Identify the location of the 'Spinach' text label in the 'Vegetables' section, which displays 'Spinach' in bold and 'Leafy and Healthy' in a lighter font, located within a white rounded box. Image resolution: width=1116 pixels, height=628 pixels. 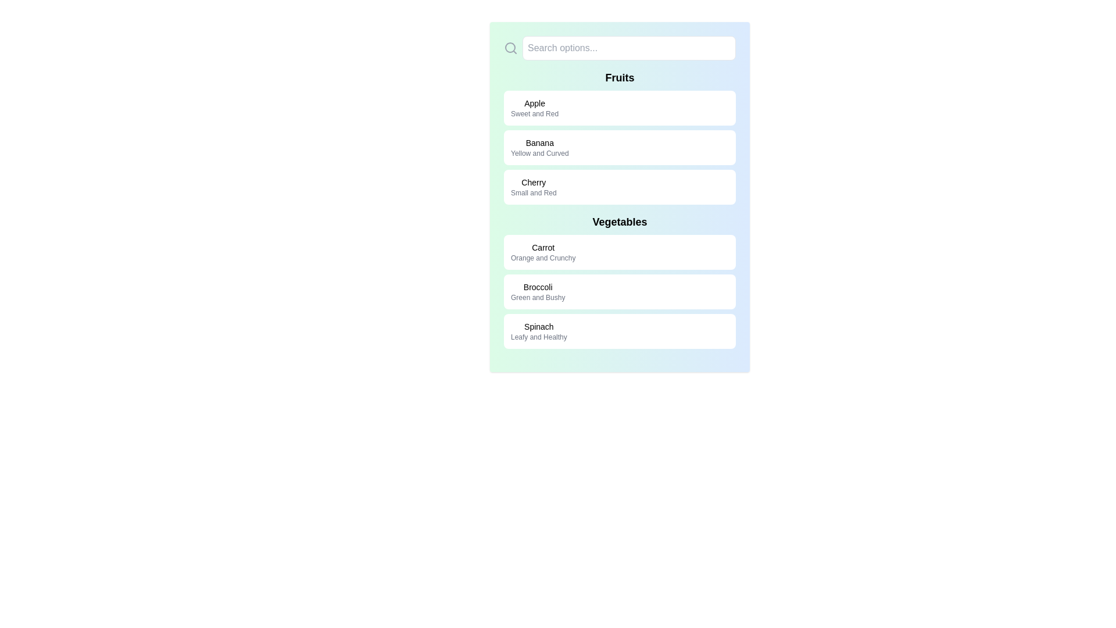
(538, 331).